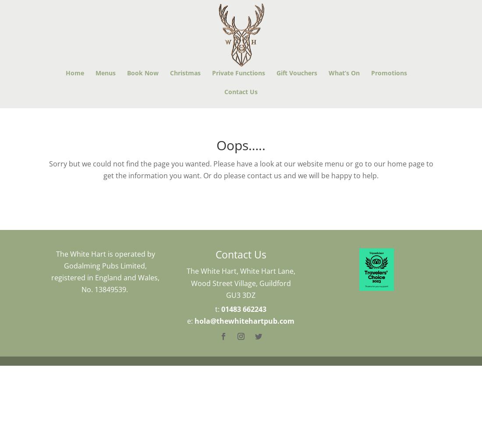  What do you see at coordinates (186, 283) in the screenshot?
I see `'The White Hart, White Hart Lane, Wood Street Village, Guildford GU3 3DZ'` at bounding box center [186, 283].